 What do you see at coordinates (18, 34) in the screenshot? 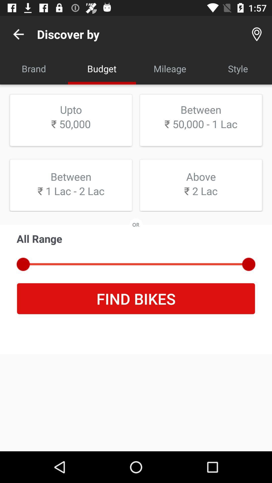
I see `item above brand item` at bounding box center [18, 34].